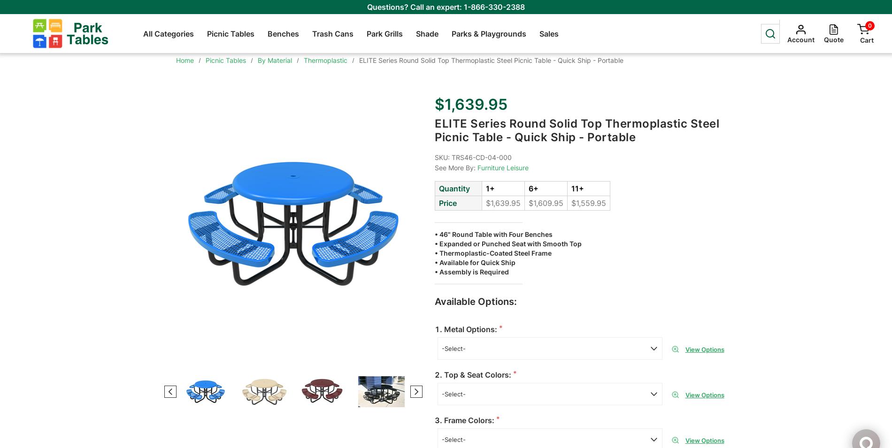 Image resolution: width=892 pixels, height=448 pixels. Describe the element at coordinates (185, 60) in the screenshot. I see `'Home'` at that location.